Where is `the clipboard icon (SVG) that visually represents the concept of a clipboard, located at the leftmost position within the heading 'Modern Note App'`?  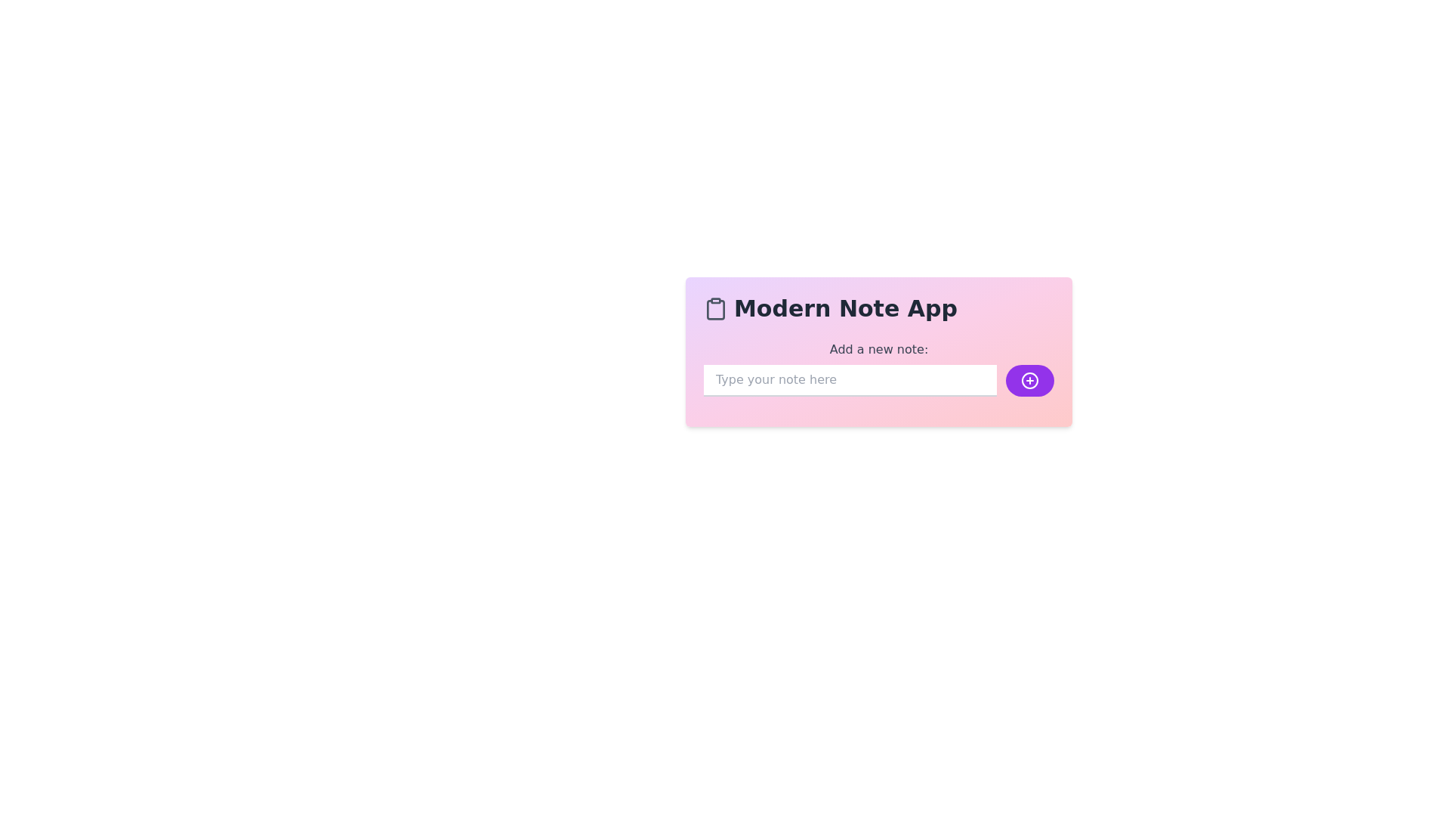 the clipboard icon (SVG) that visually represents the concept of a clipboard, located at the leftmost position within the heading 'Modern Note App' is located at coordinates (715, 308).